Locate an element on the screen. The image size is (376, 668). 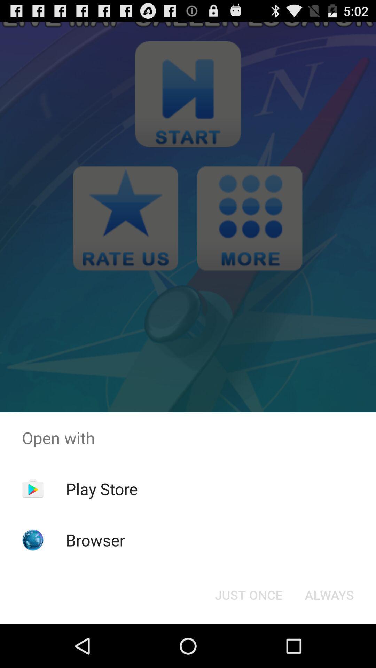
icon at the bottom is located at coordinates (248, 594).